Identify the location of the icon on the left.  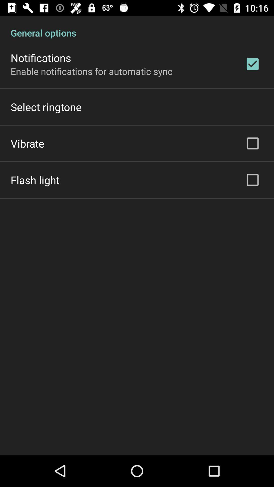
(35, 180).